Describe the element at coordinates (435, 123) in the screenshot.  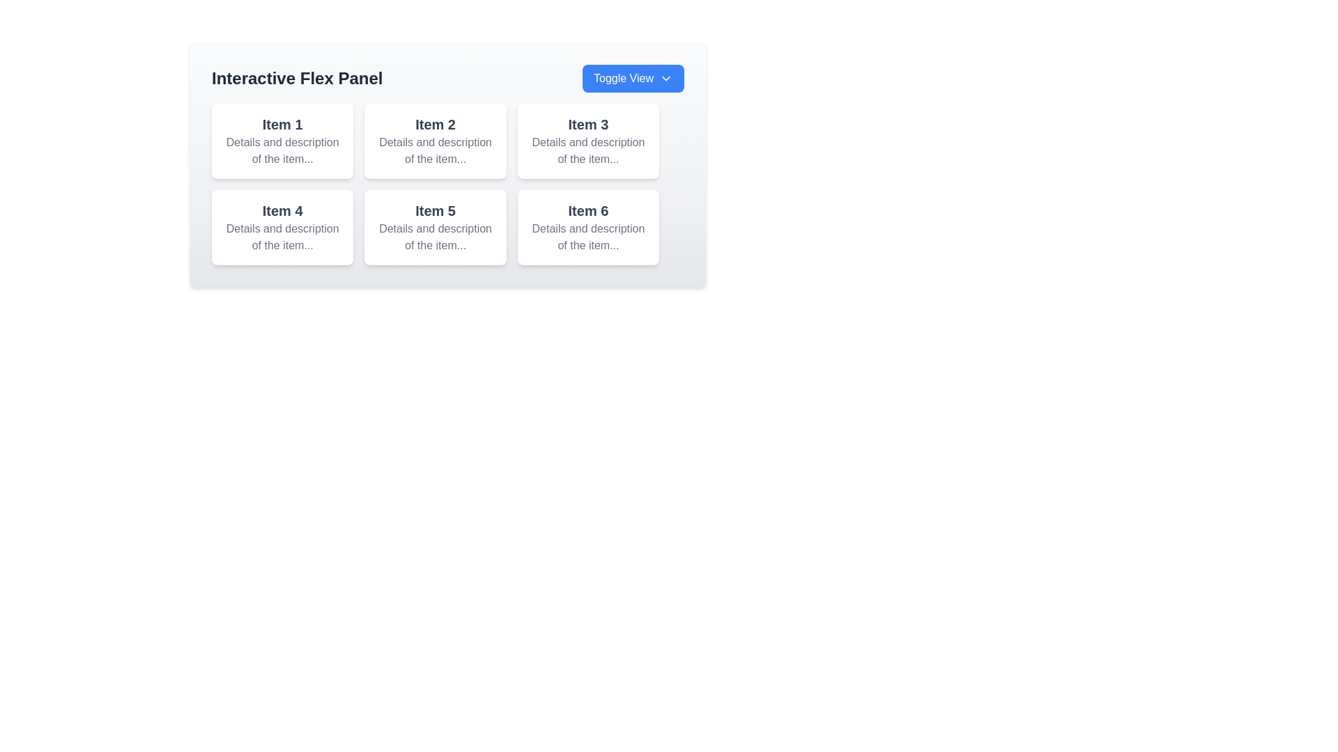
I see `the primary heading text 'Item 2' located in the second card of a grid` at that location.